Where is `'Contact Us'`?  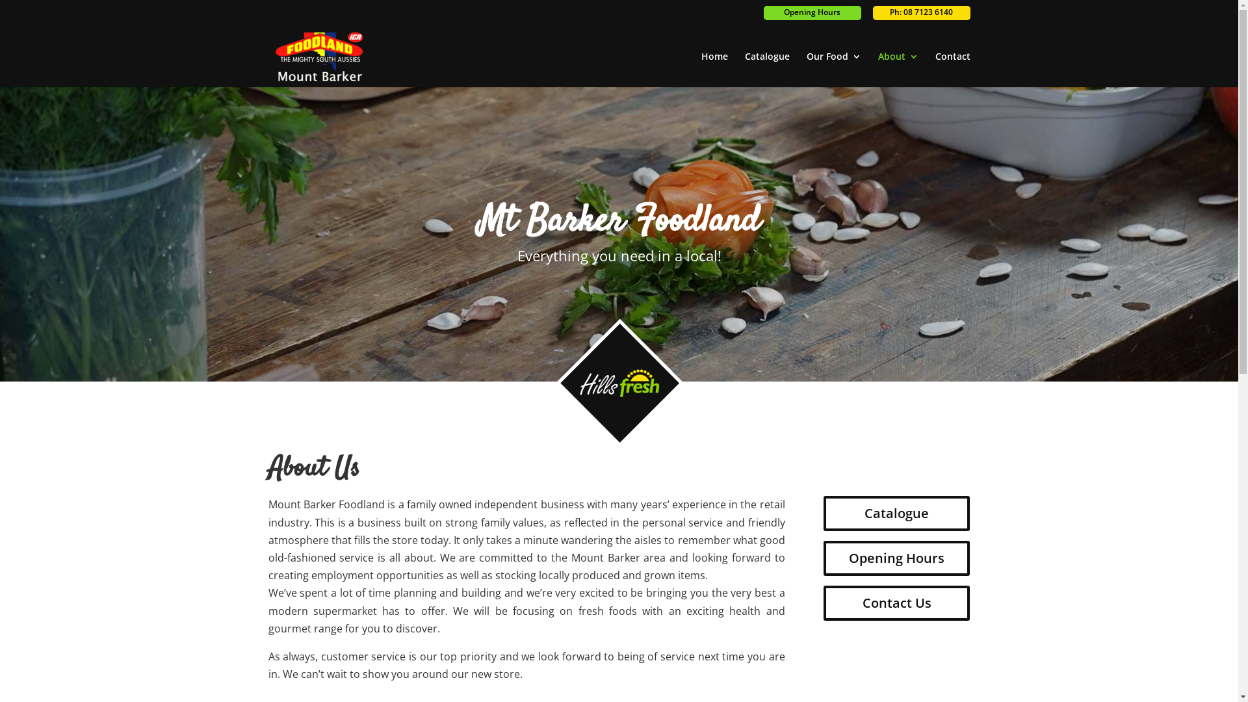 'Contact Us' is located at coordinates (896, 603).